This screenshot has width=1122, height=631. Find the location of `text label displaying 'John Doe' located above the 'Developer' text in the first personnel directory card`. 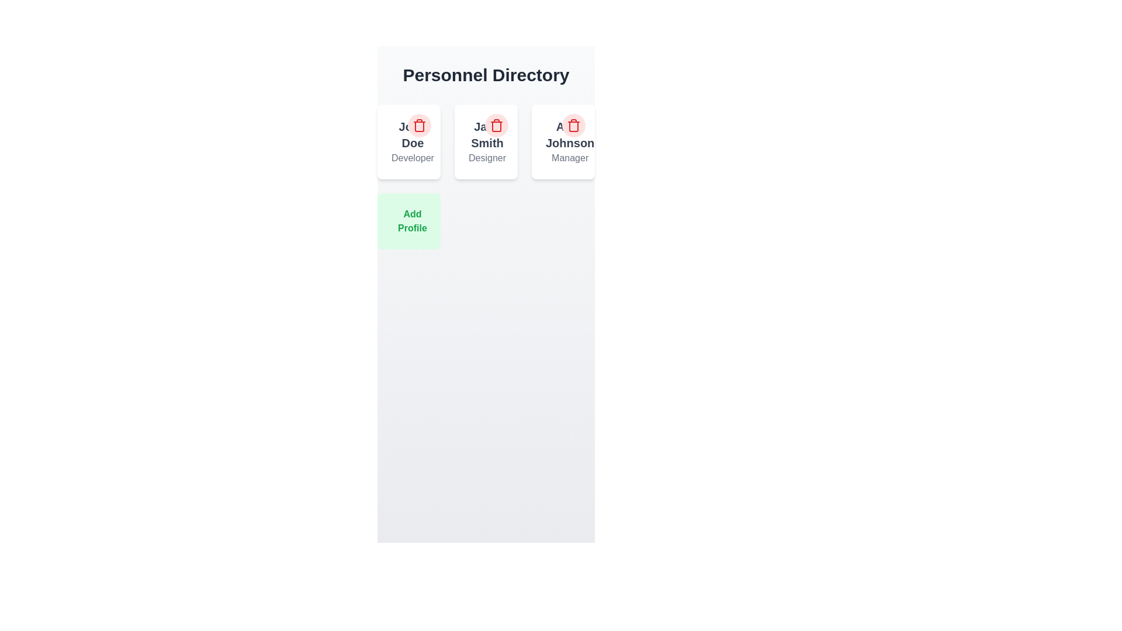

text label displaying 'John Doe' located above the 'Developer' text in the first personnel directory card is located at coordinates (413, 134).